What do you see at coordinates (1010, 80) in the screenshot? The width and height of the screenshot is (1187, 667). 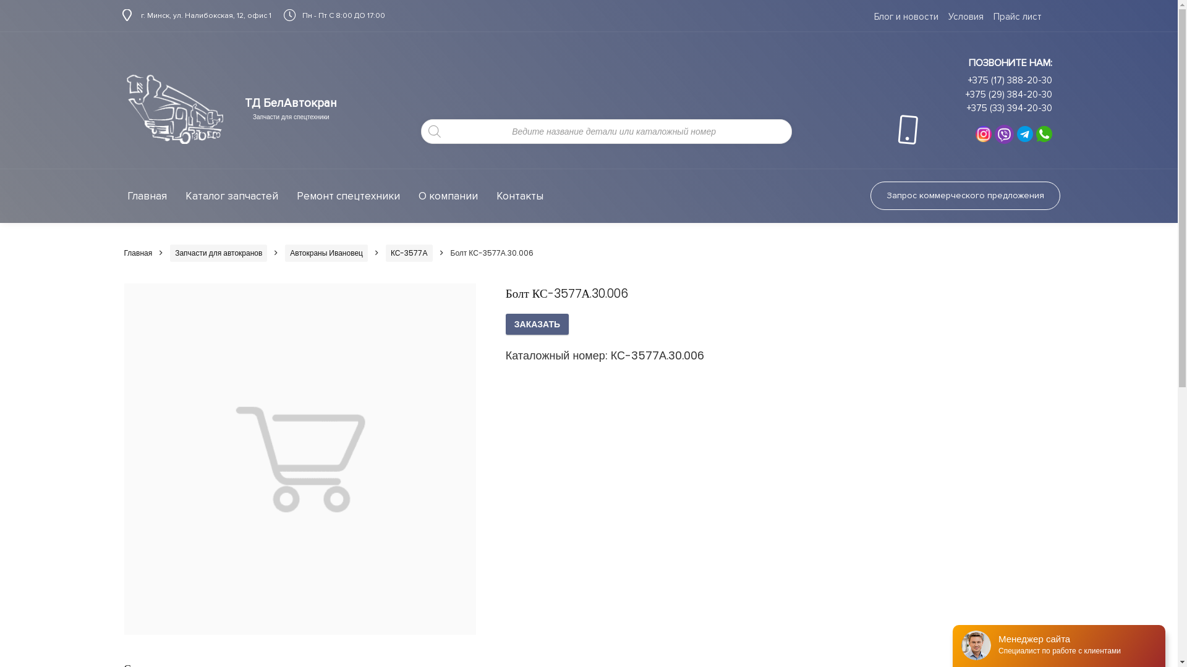 I see `'+375 (17) 388-20-30'` at bounding box center [1010, 80].